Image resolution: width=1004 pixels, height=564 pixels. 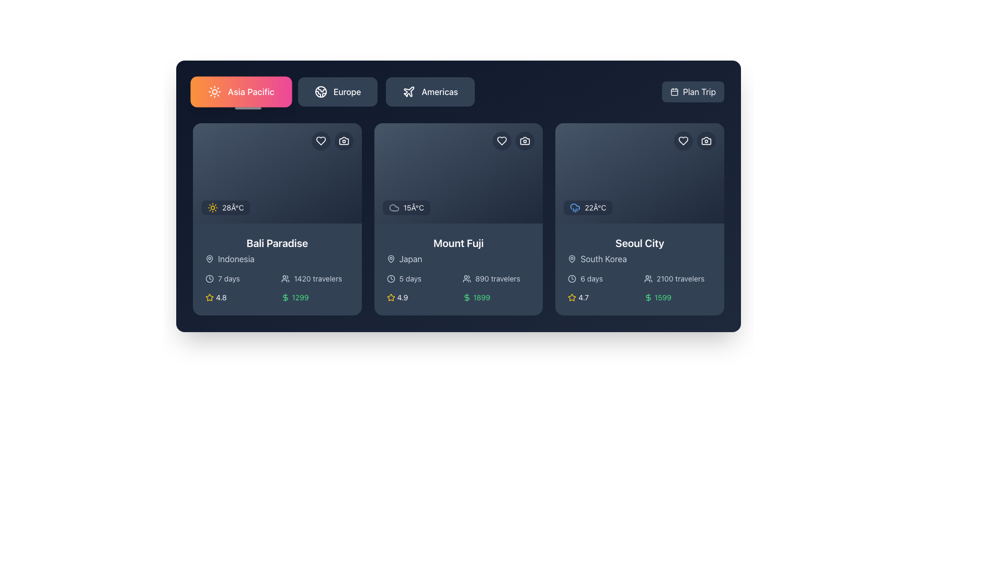 I want to click on the travel information section for 'Bali Paradise', so click(x=277, y=269).